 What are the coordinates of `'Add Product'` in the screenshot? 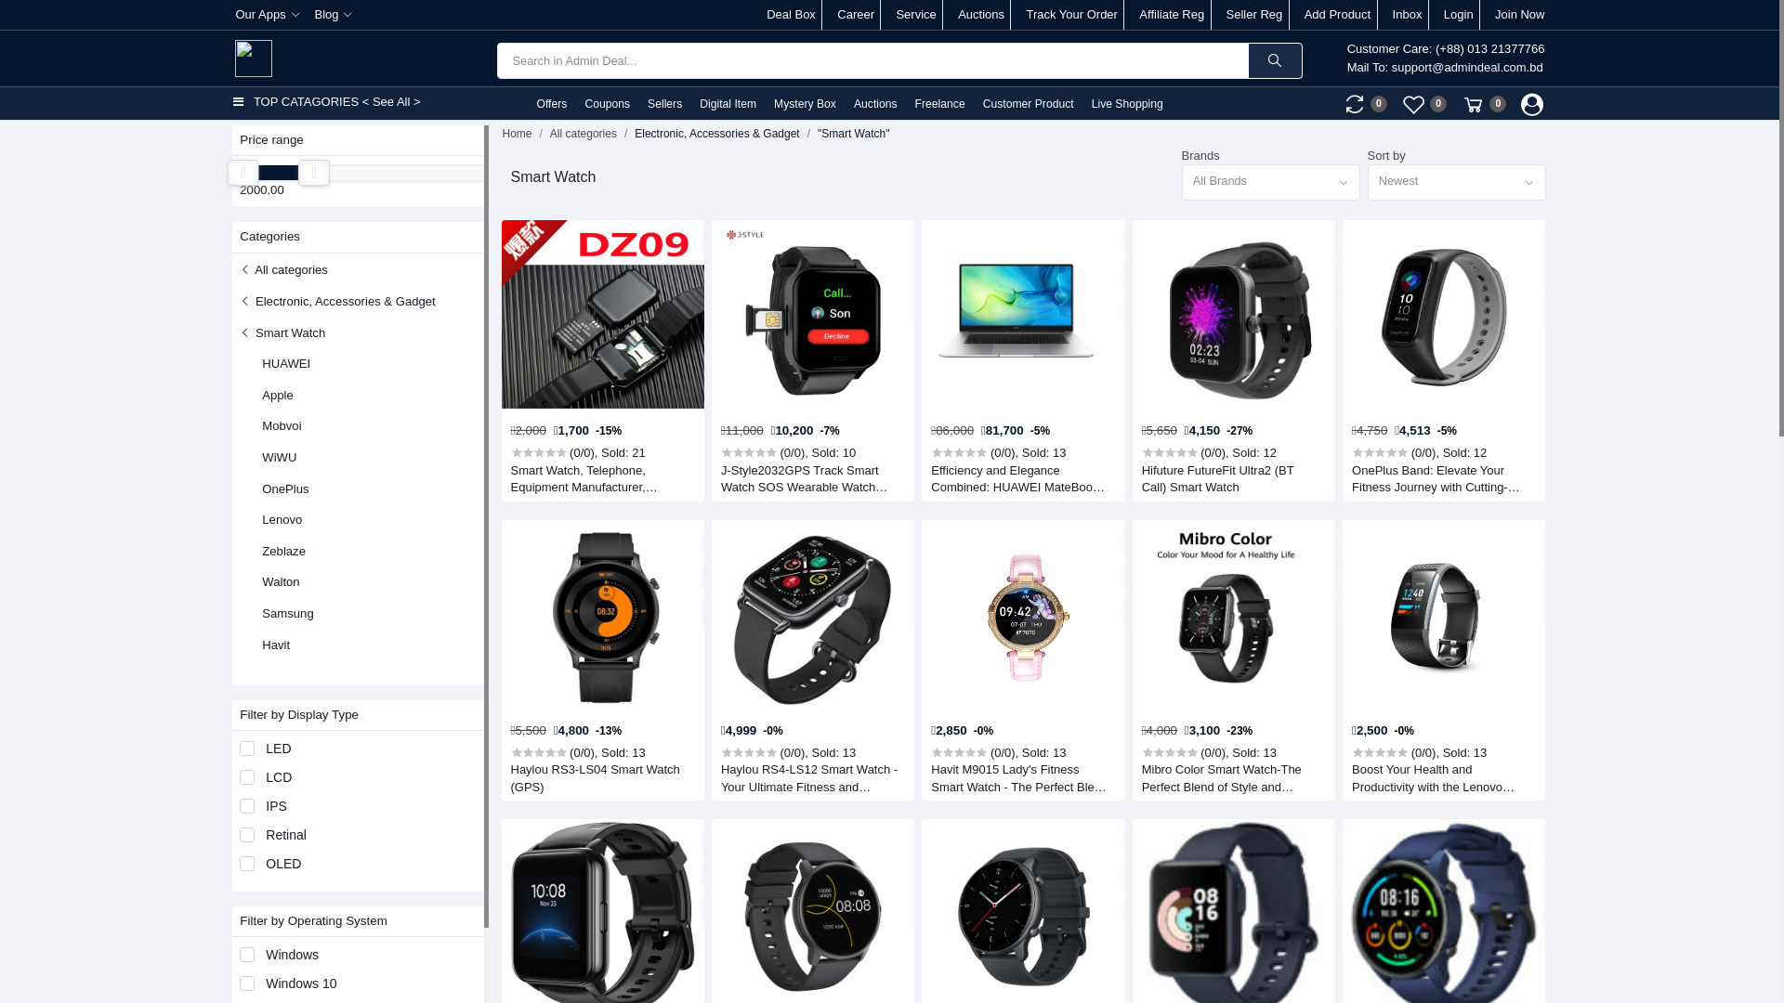 It's located at (1338, 14).